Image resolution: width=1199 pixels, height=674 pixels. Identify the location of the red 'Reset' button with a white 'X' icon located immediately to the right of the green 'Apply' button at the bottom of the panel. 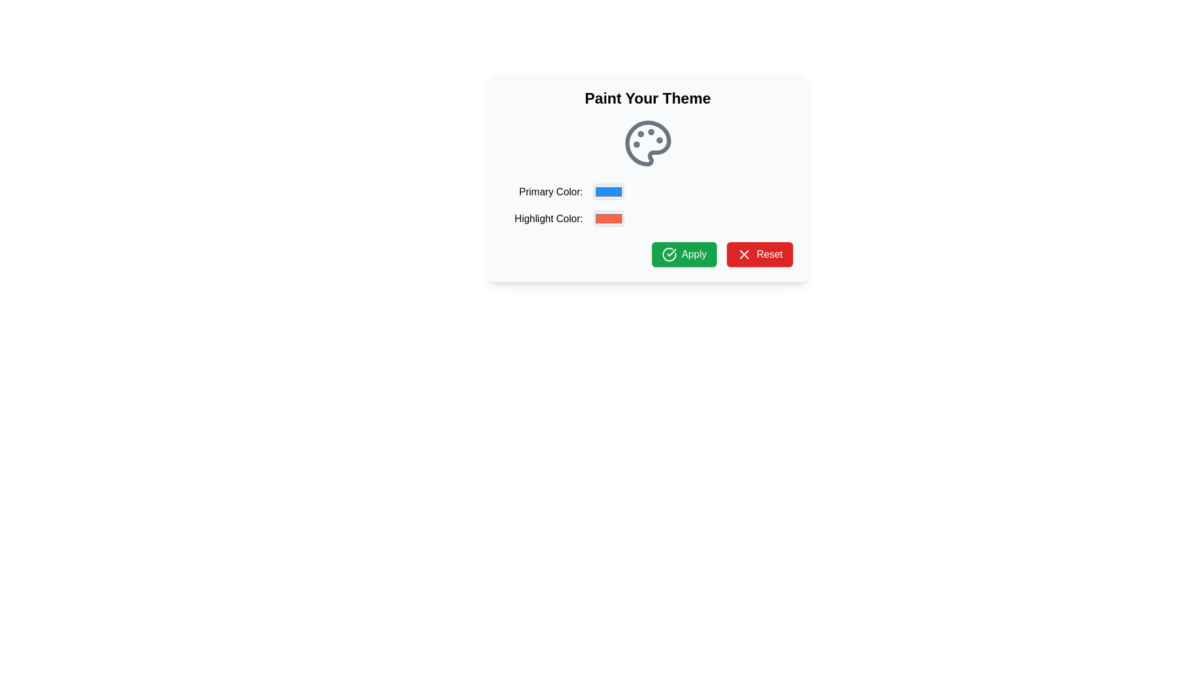
(759, 254).